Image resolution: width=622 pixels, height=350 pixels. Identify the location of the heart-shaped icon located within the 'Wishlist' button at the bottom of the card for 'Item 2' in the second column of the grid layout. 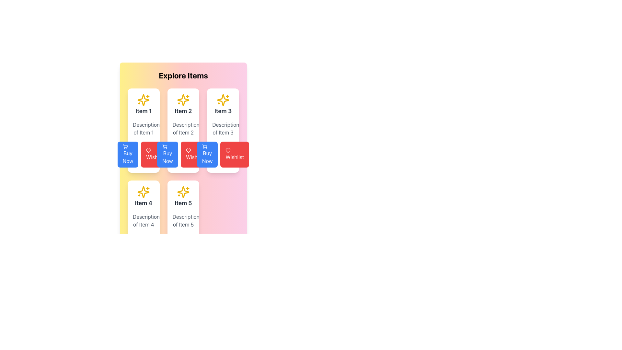
(148, 151).